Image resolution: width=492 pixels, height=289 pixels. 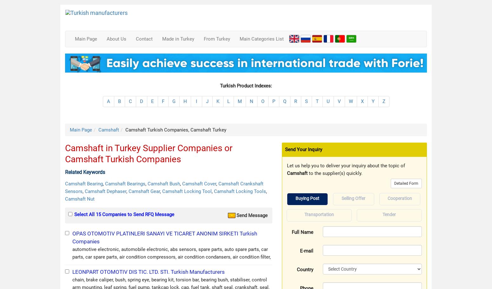 What do you see at coordinates (199, 183) in the screenshot?
I see `'Camshaft Cover'` at bounding box center [199, 183].